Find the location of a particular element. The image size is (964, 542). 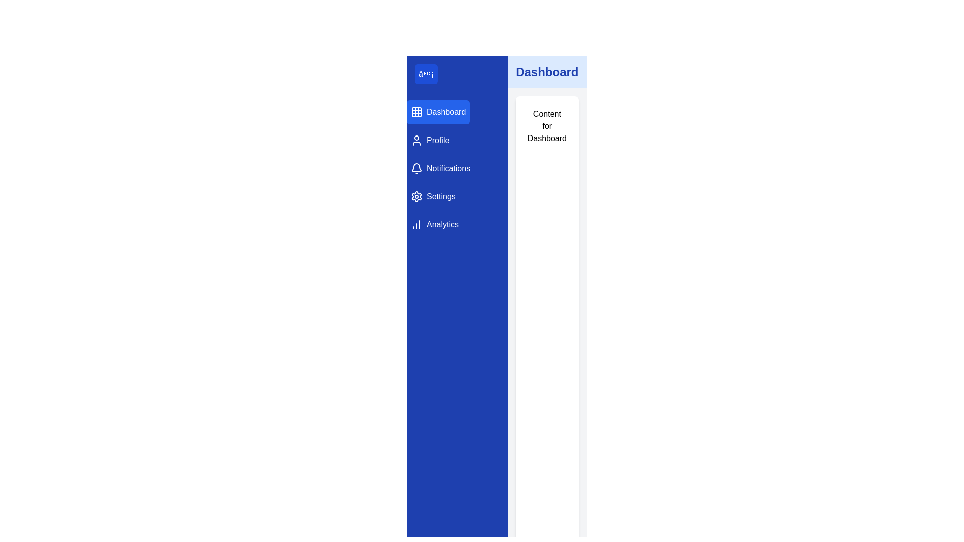

the 'Settings' button in the vertical navigation menu, which features a cogwheel icon and a dark blue background is located at coordinates (433, 197).